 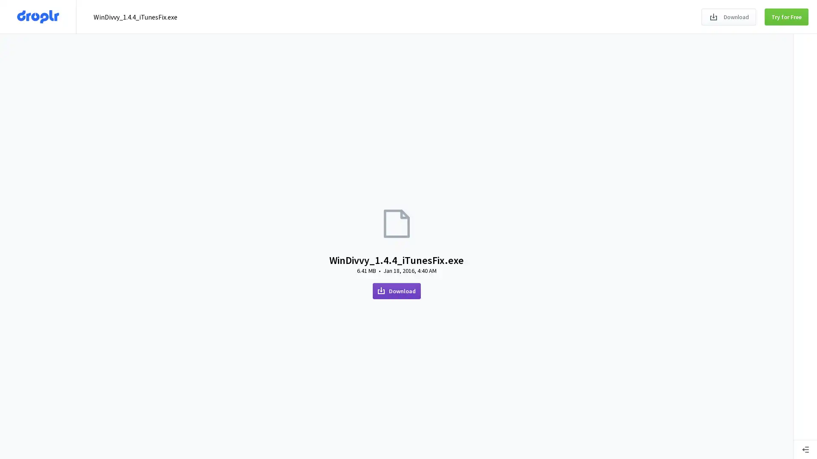 What do you see at coordinates (396, 290) in the screenshot?
I see `Download` at bounding box center [396, 290].